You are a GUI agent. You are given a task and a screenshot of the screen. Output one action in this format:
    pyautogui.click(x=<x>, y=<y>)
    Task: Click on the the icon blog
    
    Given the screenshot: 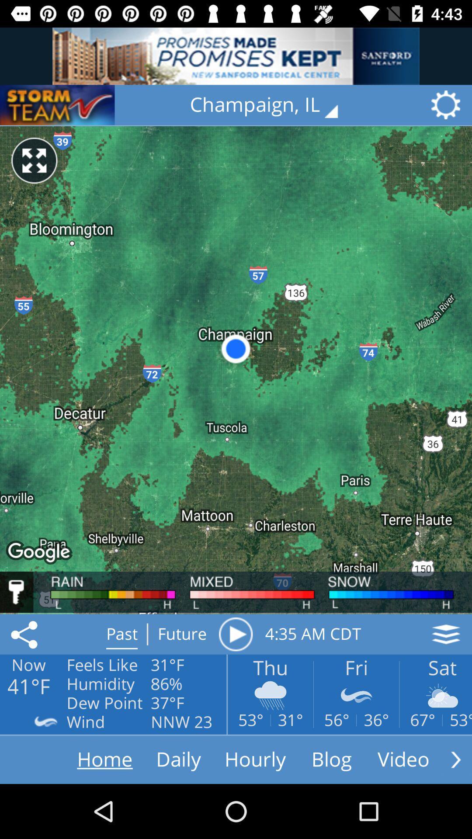 What is the action you would take?
    pyautogui.click(x=332, y=759)
    